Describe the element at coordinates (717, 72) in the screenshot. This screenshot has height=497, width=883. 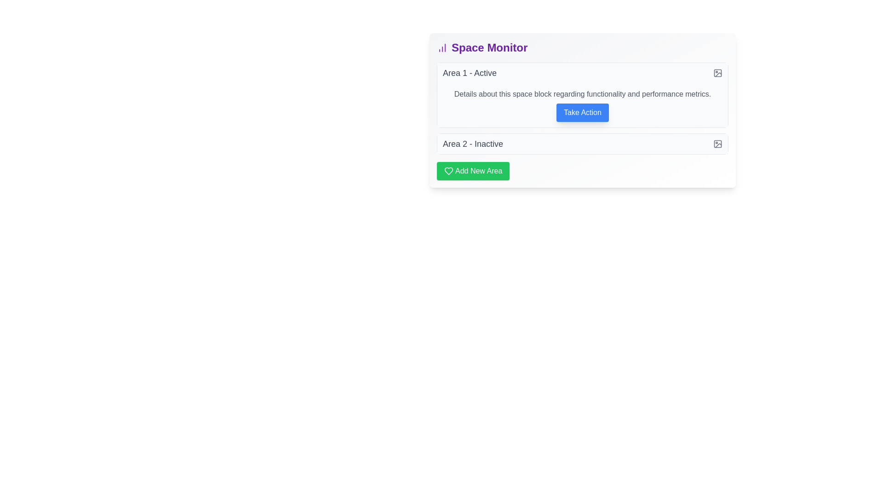
I see `the image/photo icon located in the top-right section of the 'Area 1 - Active' row` at that location.